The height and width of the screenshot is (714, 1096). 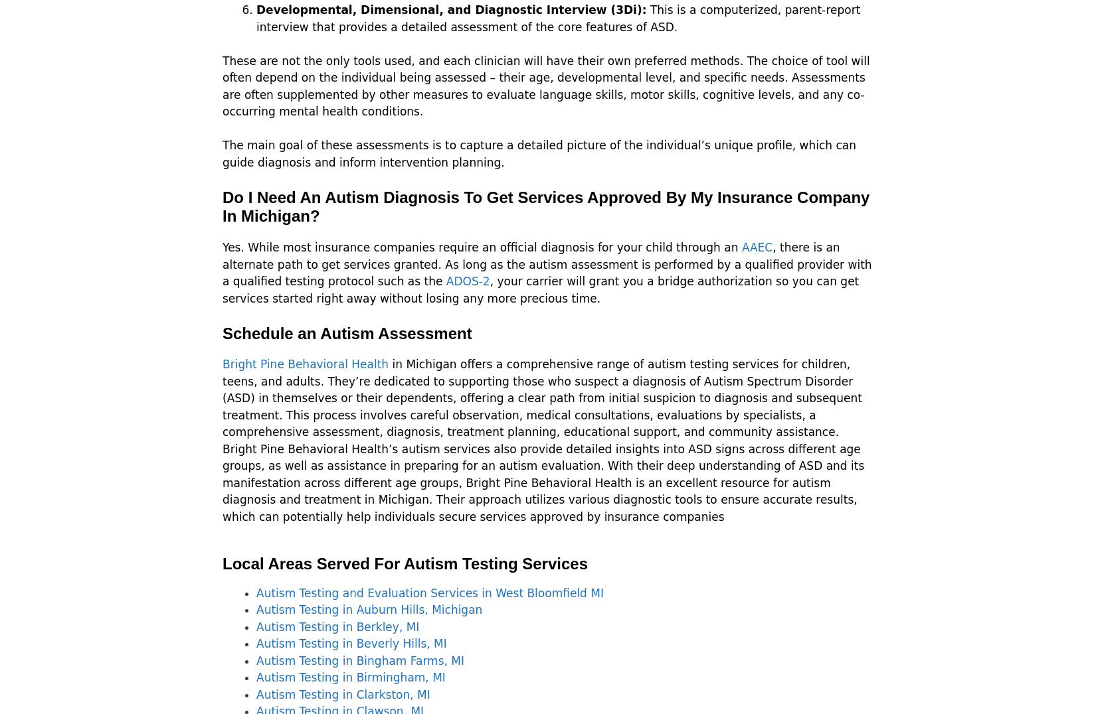 I want to click on 'Autism Testing in Berkley, MI', so click(x=337, y=626).